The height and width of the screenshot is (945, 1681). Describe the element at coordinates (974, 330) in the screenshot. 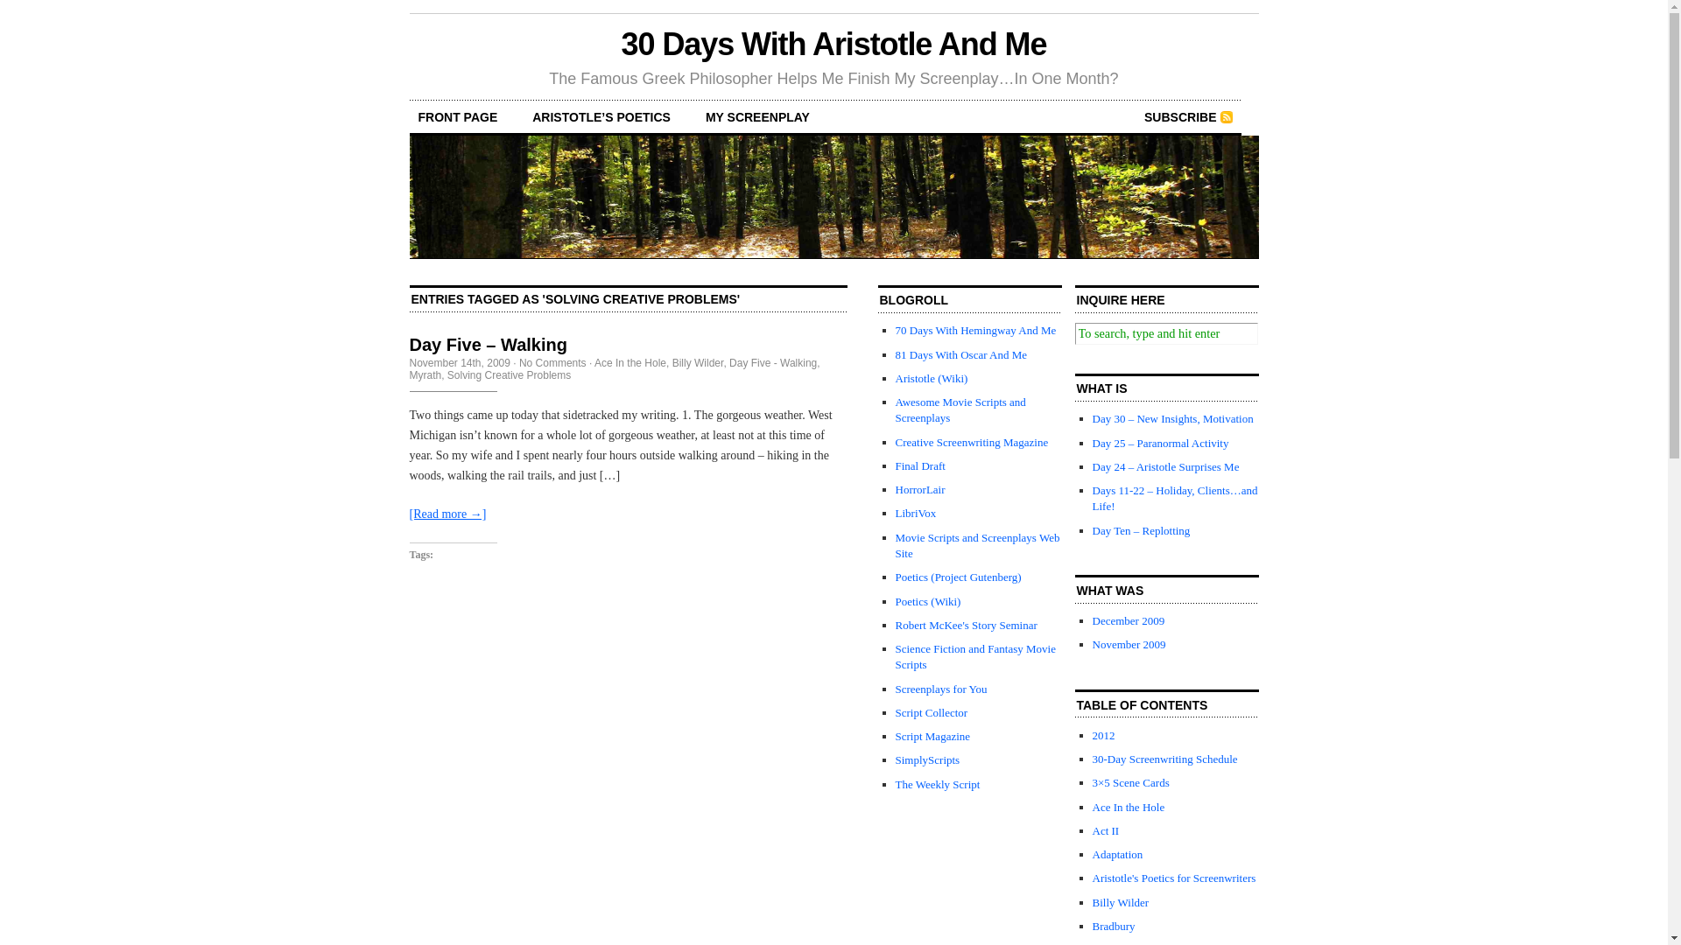

I see `'70 Days With Hemingway And Me'` at that location.